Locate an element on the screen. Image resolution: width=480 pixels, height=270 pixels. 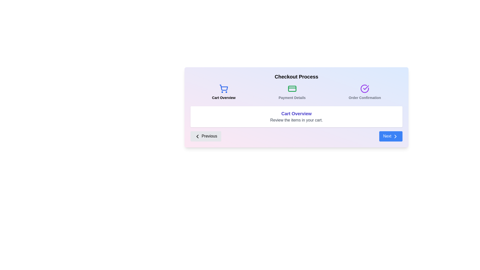
the 'Next' button to navigate to the next step is located at coordinates (390, 136).